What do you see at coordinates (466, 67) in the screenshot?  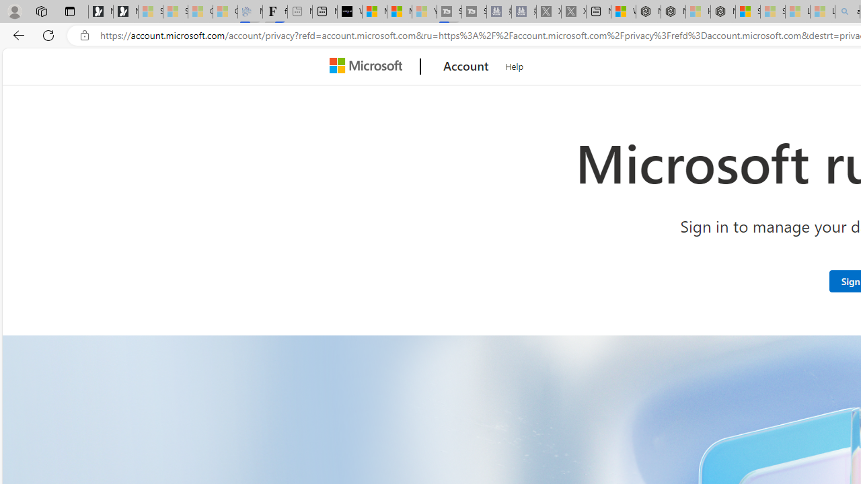 I see `'Account'` at bounding box center [466, 67].